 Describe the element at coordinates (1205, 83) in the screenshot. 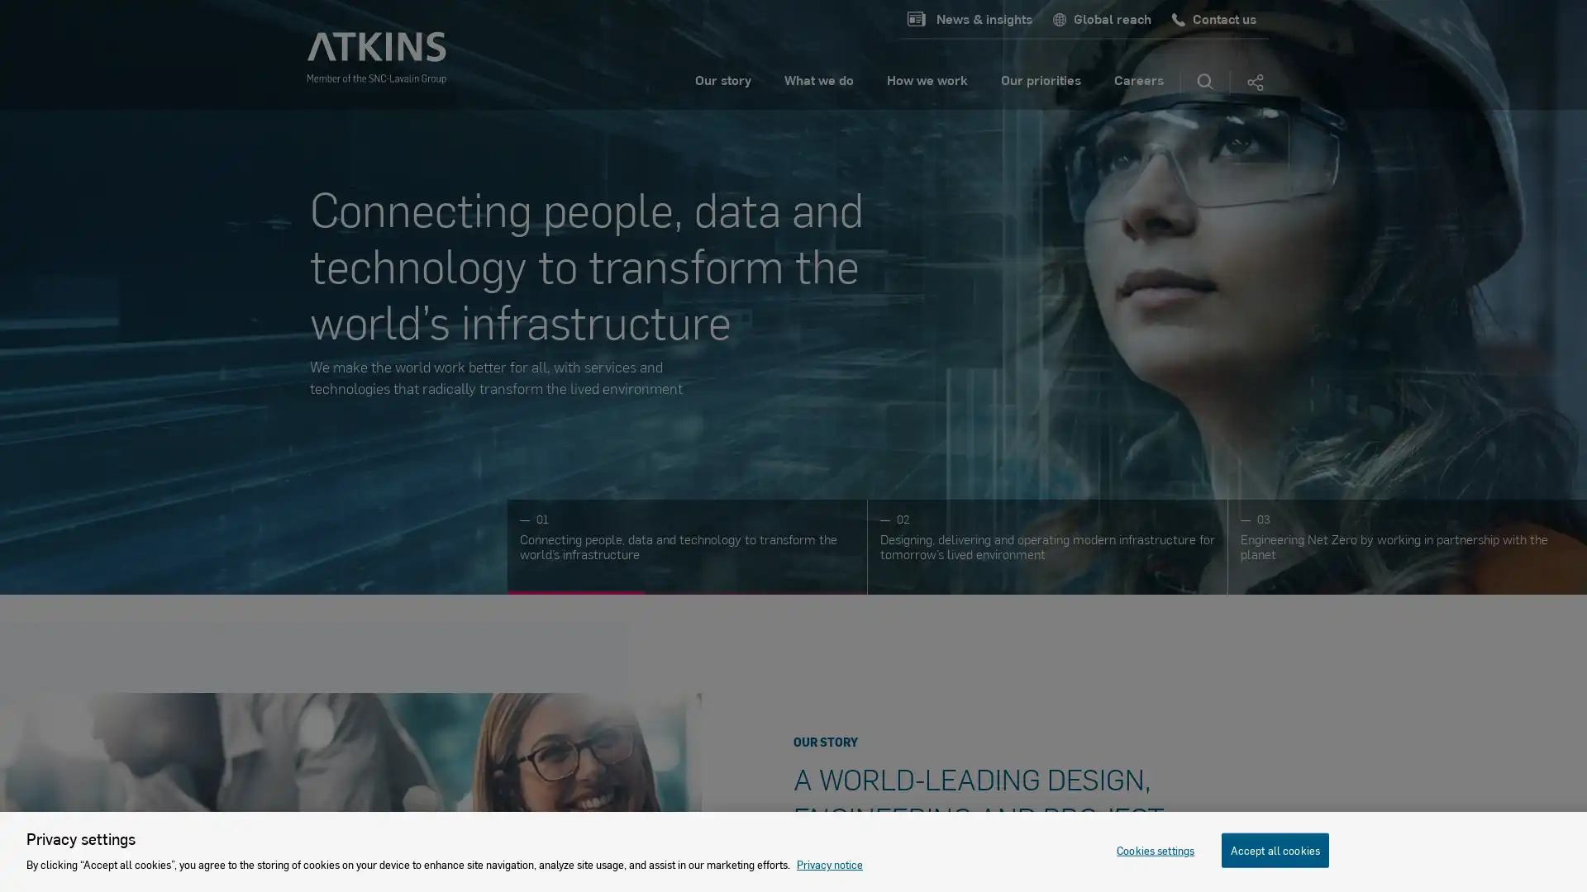

I see `Search` at that location.